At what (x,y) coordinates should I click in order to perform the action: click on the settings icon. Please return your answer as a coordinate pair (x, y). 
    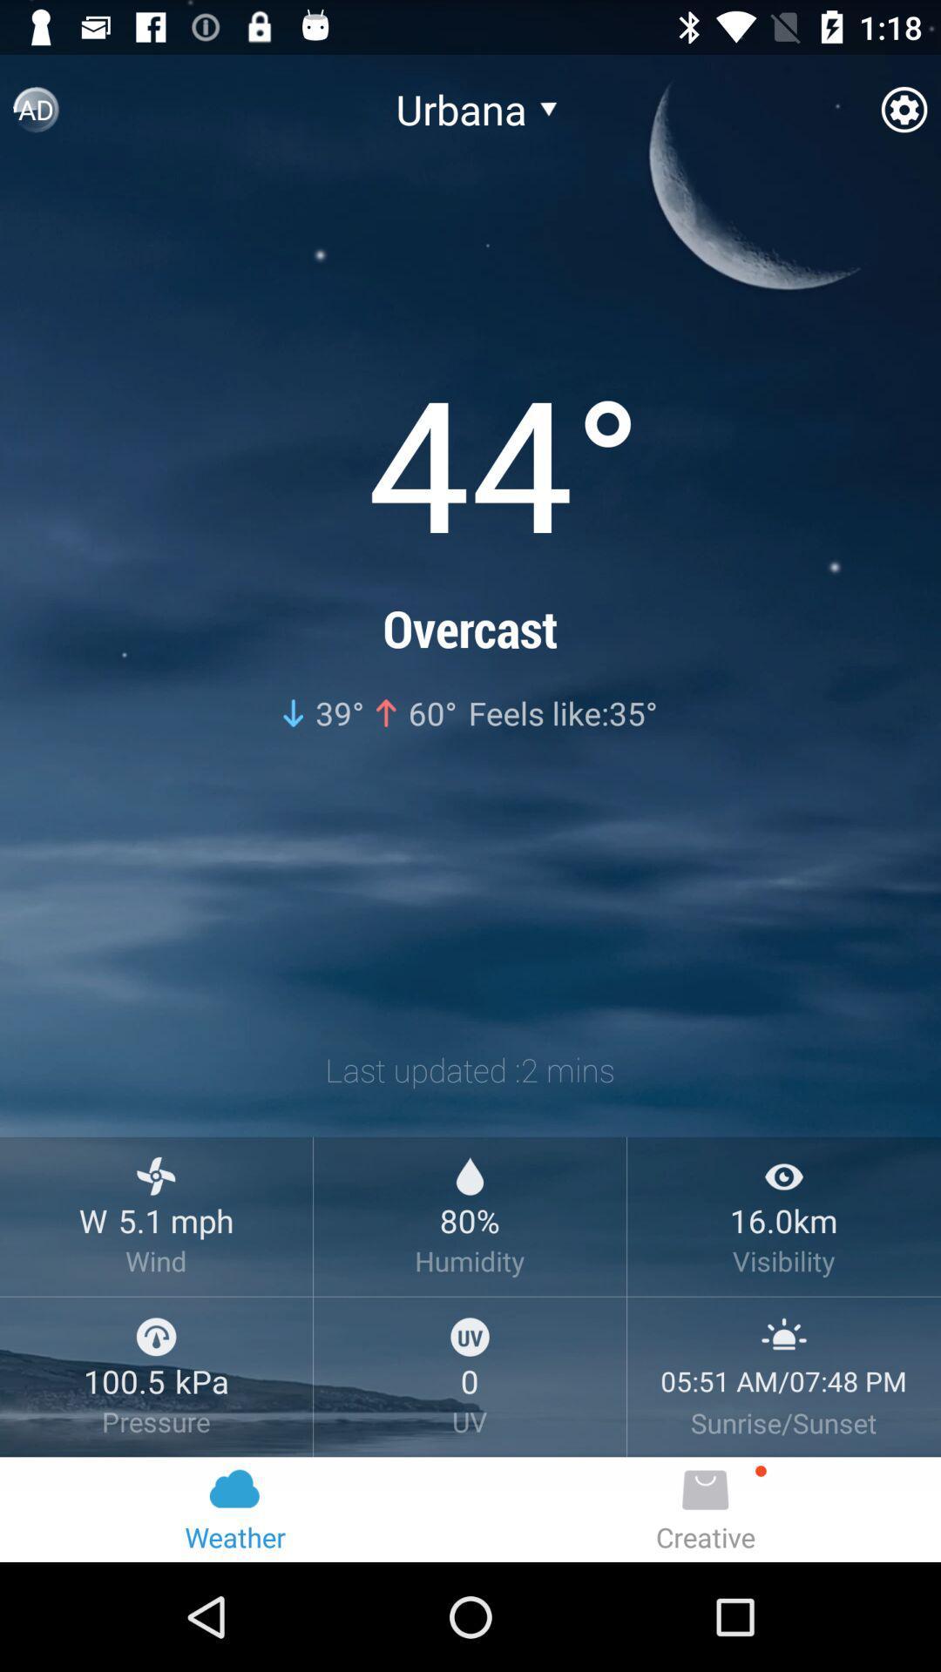
    Looking at the image, I should click on (903, 116).